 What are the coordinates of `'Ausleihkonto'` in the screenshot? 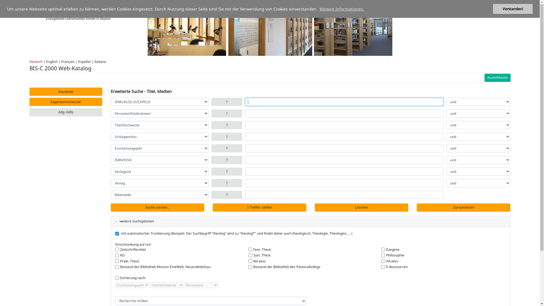 It's located at (497, 78).